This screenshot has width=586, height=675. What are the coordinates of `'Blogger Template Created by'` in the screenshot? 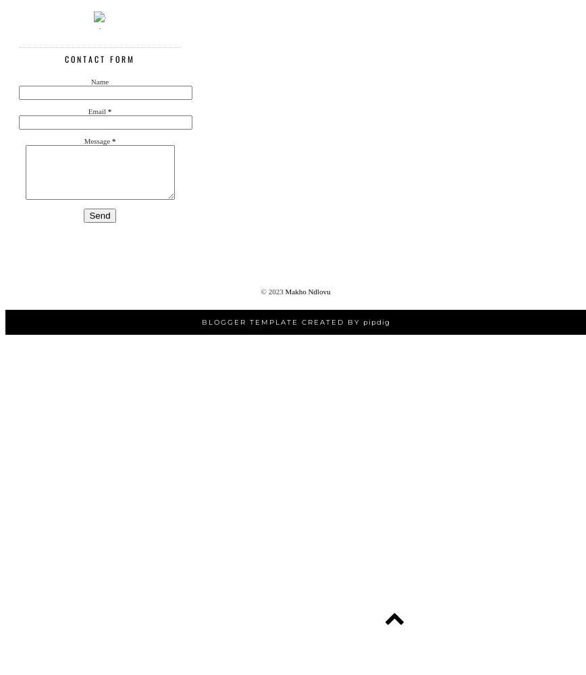 It's located at (201, 321).